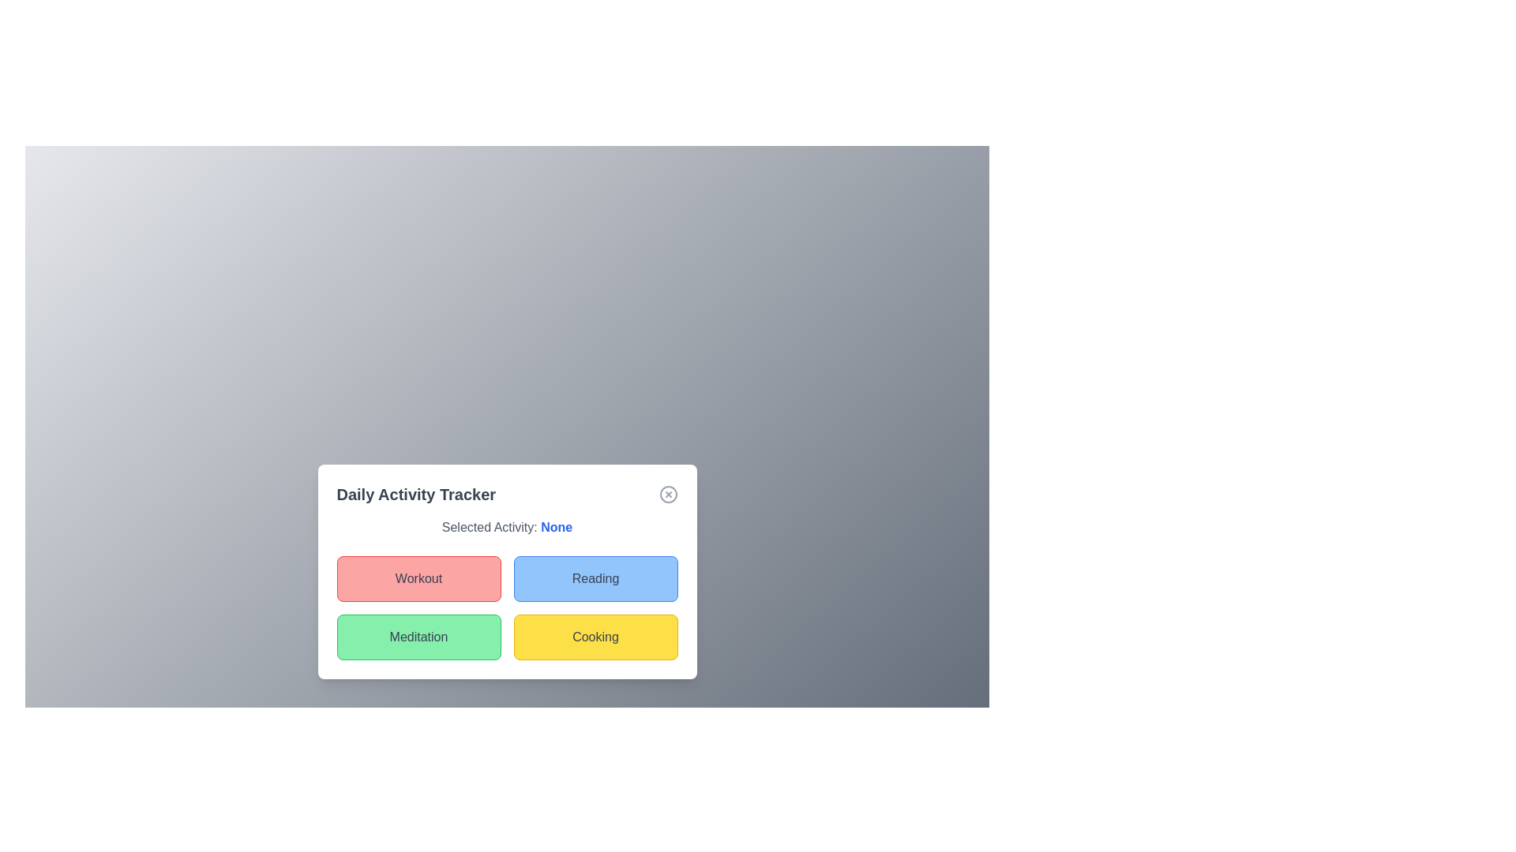 The image size is (1516, 852). I want to click on the activity Cooking by clicking on the respective button, so click(595, 636).